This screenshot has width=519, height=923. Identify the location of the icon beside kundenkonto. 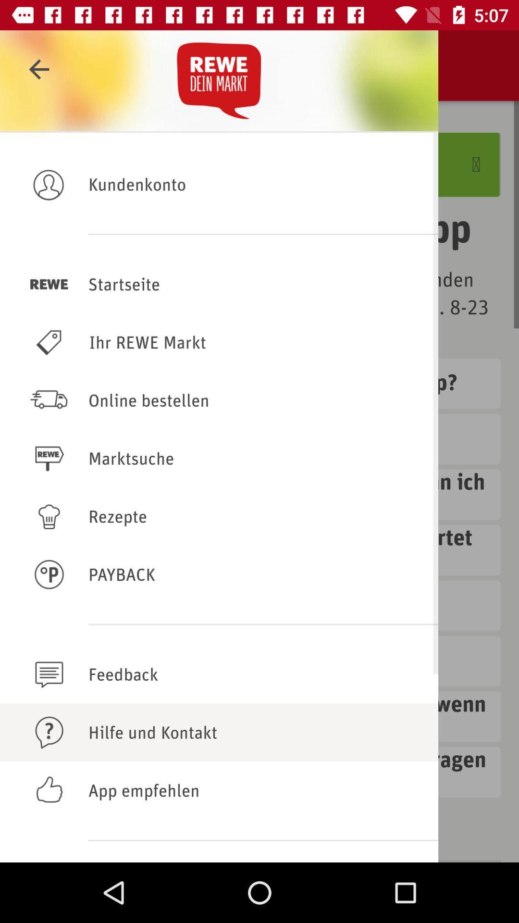
(49, 184).